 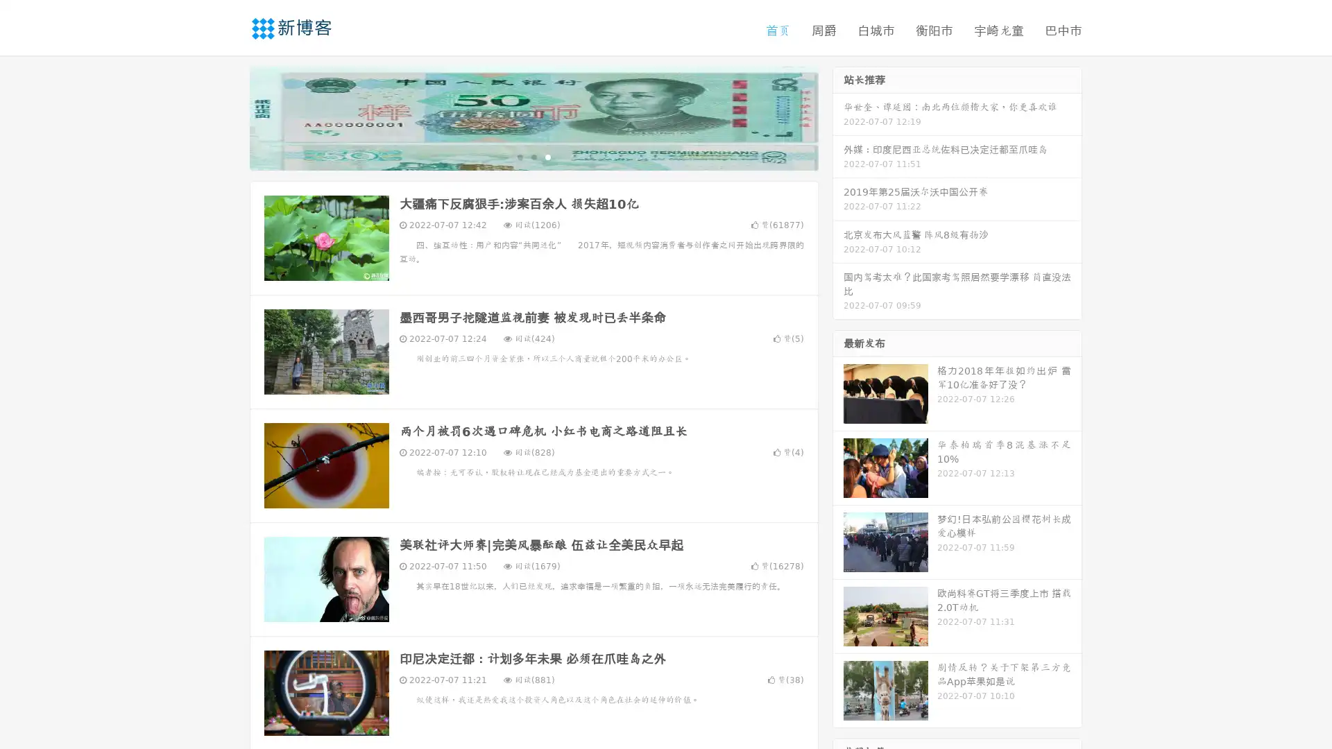 I want to click on Previous slide, so click(x=229, y=117).